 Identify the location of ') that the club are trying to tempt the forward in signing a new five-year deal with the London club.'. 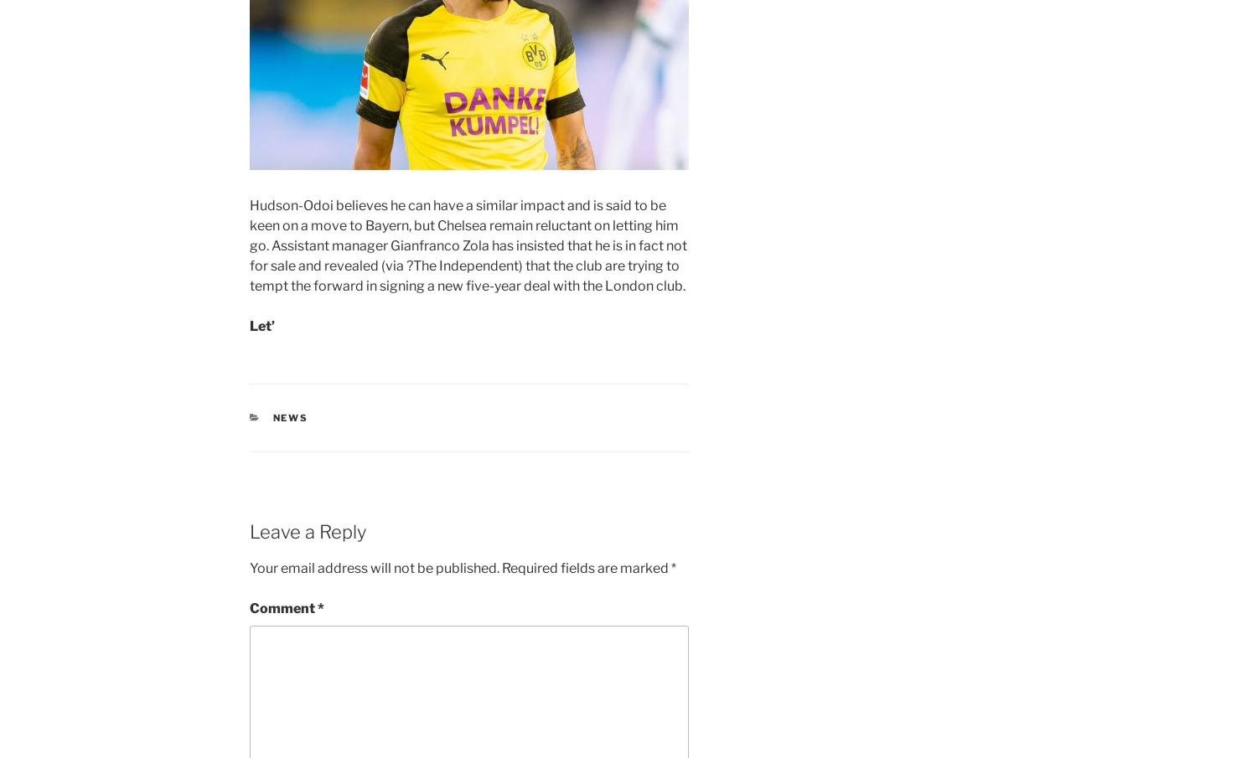
(468, 274).